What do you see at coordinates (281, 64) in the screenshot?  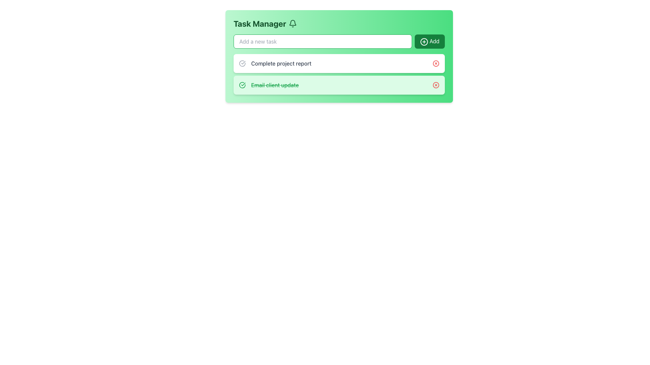 I see `the Text label that displays the title of the first task in the Task Manager section, which is located above the 'Email client update' task` at bounding box center [281, 64].